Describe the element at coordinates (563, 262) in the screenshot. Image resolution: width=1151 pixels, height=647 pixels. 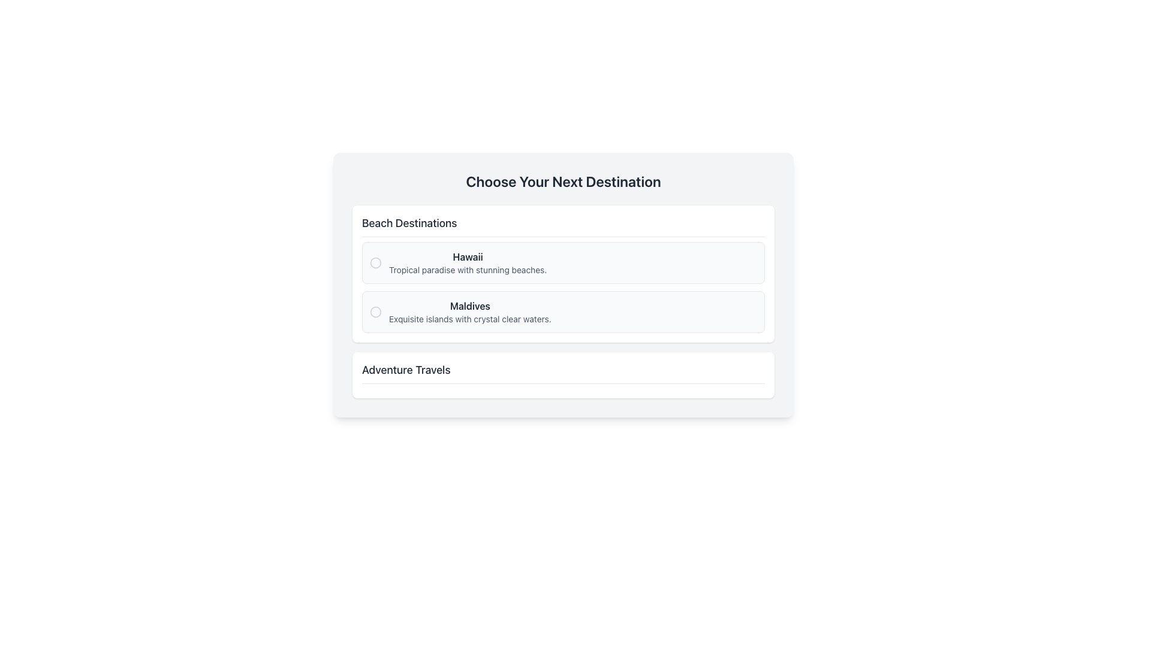
I see `the radio button for 'Hawaii'` at that location.